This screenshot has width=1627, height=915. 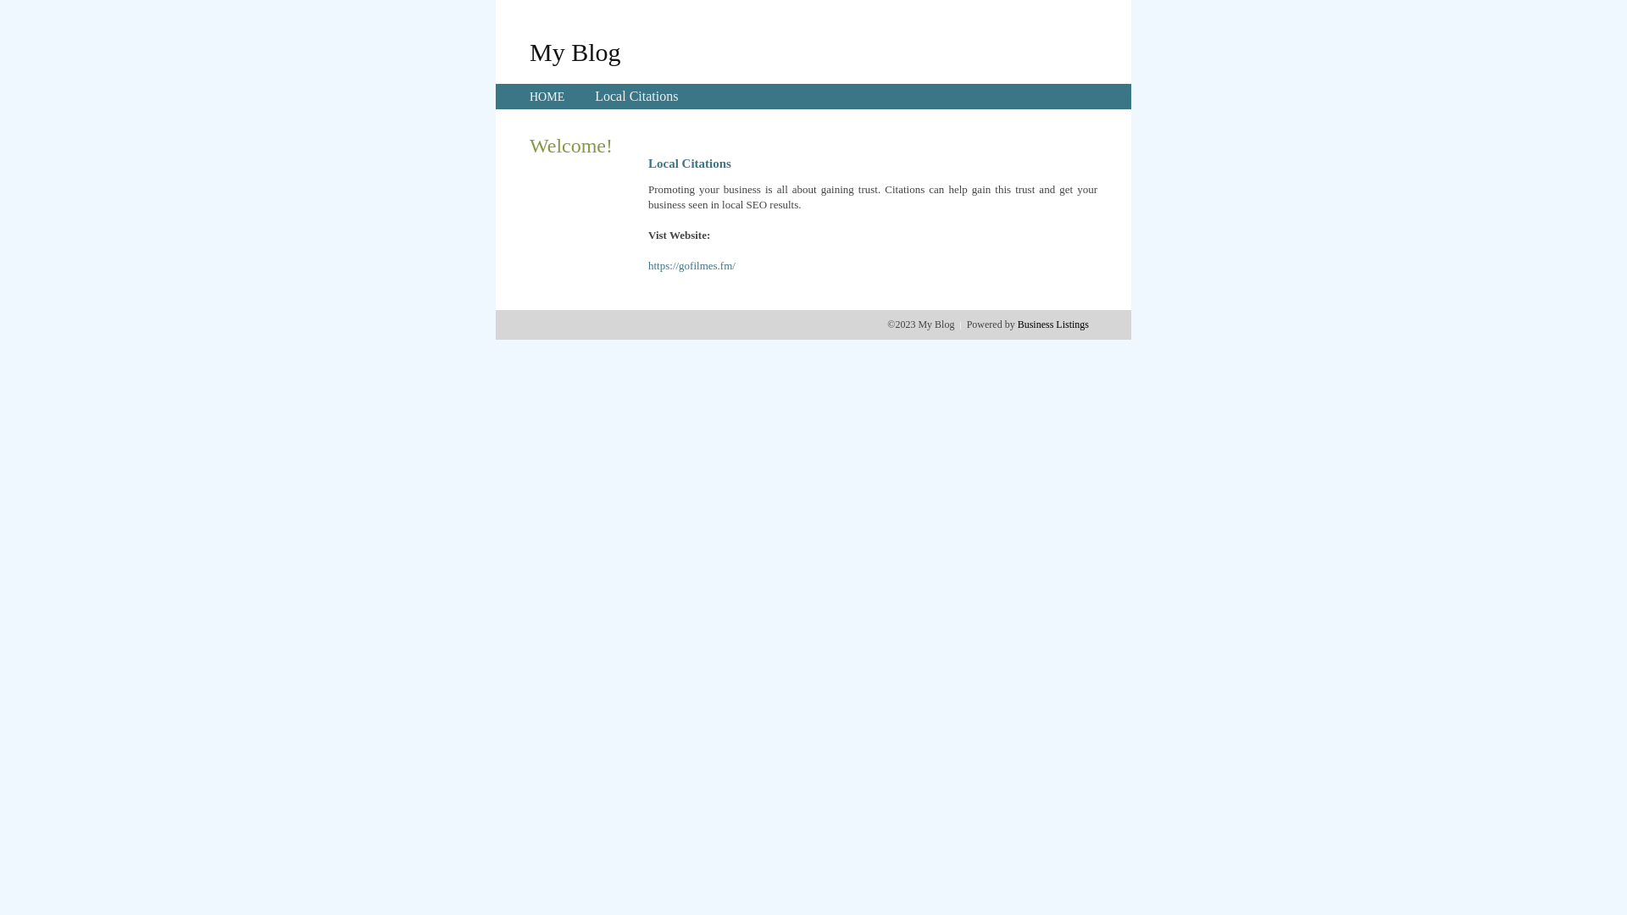 What do you see at coordinates (528, 51) in the screenshot?
I see `'My Blog'` at bounding box center [528, 51].